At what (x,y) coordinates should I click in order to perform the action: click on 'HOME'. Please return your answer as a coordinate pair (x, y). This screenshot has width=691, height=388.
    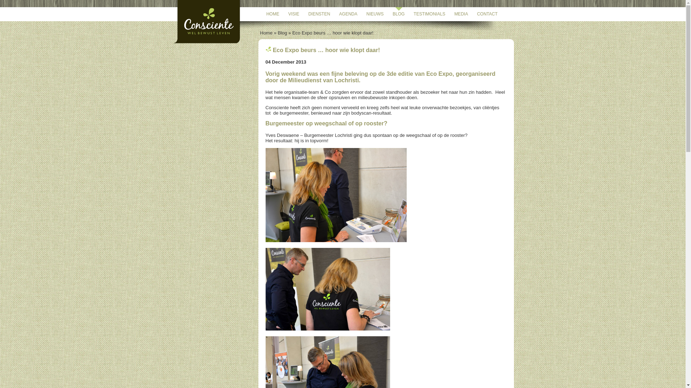
    Looking at the image, I should click on (266, 14).